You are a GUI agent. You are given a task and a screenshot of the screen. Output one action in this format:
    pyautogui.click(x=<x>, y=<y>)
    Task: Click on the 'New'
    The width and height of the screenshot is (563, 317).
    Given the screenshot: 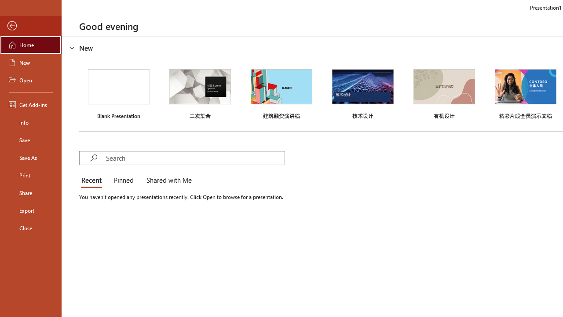 What is the action you would take?
    pyautogui.click(x=30, y=62)
    